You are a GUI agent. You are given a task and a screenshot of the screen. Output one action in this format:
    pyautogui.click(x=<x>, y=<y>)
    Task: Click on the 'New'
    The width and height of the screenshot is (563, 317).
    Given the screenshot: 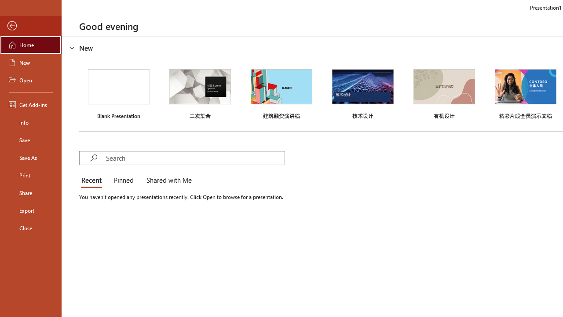 What is the action you would take?
    pyautogui.click(x=30, y=62)
    